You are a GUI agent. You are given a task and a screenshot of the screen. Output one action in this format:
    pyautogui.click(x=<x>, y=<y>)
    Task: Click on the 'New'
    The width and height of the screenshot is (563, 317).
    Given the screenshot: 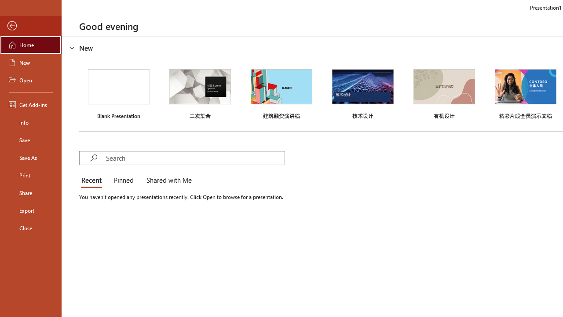 What is the action you would take?
    pyautogui.click(x=30, y=62)
    